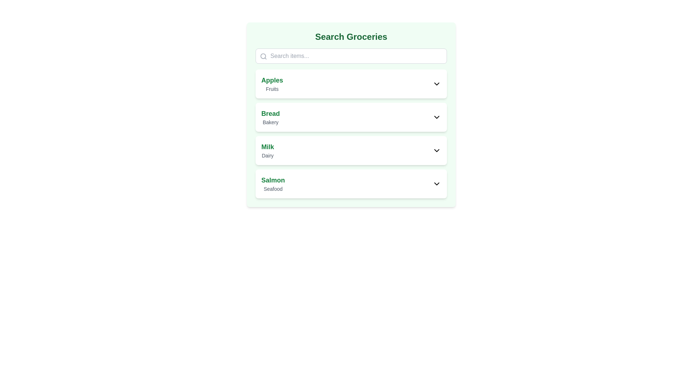  What do you see at coordinates (267, 155) in the screenshot?
I see `the Text Label providing additional descriptive information about the Milk category, which is located as the second line within the Milk card, the third item in the grocery options list` at bounding box center [267, 155].